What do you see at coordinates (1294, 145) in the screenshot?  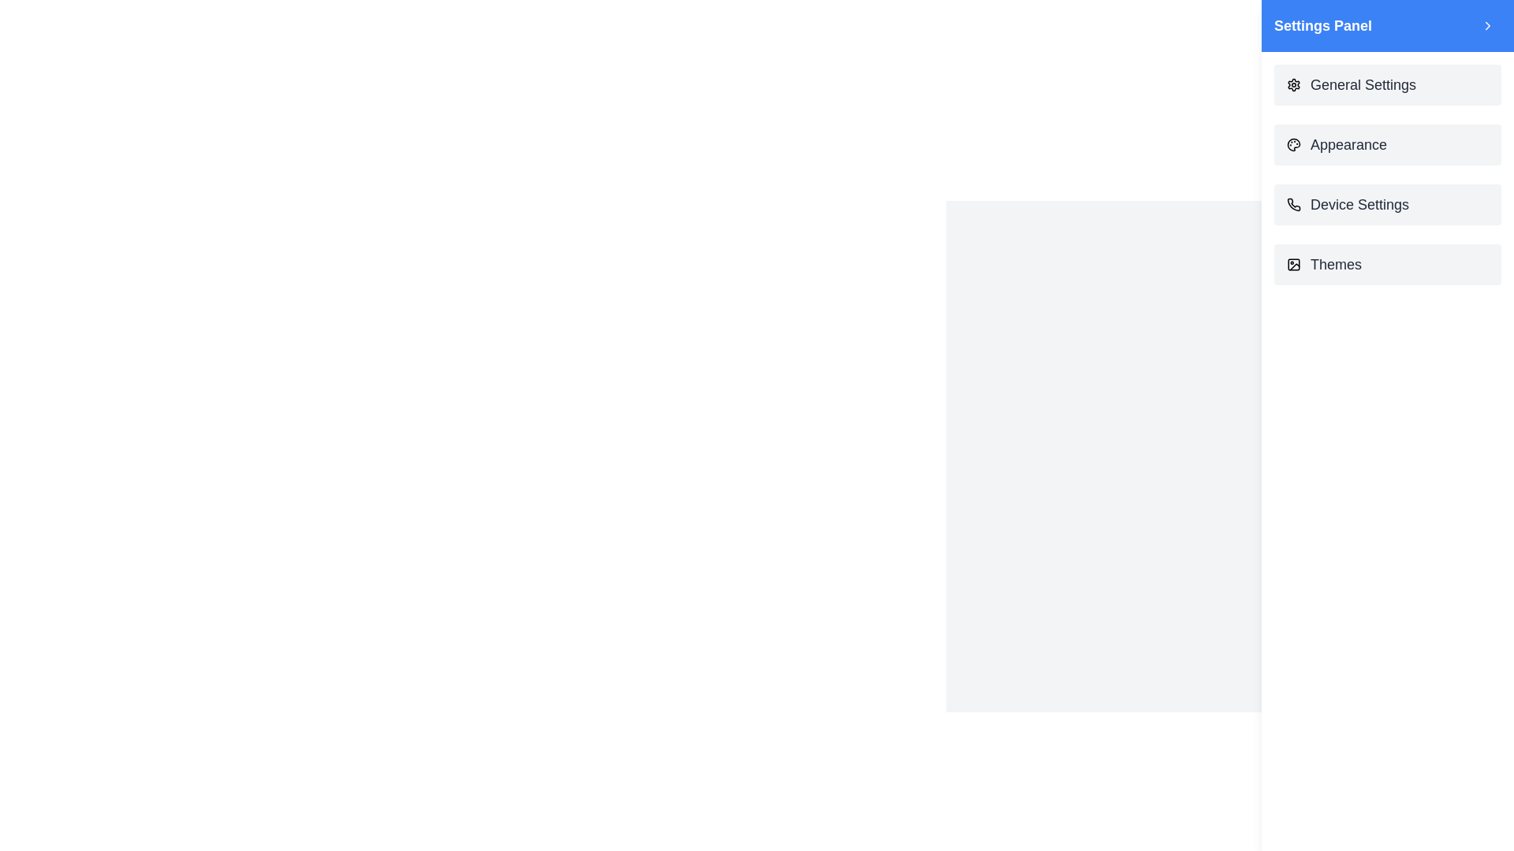 I see `the main body of the painter's palette SVG icon, which is the second option in the vertical menu list labeled 'Appearance', located below 'General Settings' and above 'Device Settings'` at bounding box center [1294, 145].